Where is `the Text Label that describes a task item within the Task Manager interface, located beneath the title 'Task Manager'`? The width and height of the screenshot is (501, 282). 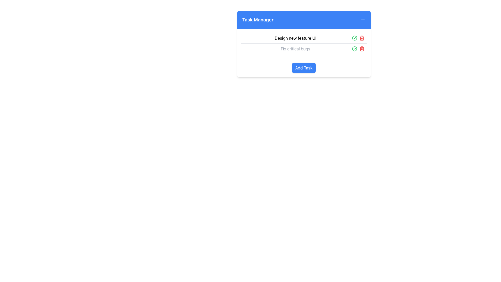
the Text Label that describes a task item within the Task Manager interface, located beneath the title 'Task Manager' is located at coordinates (295, 38).